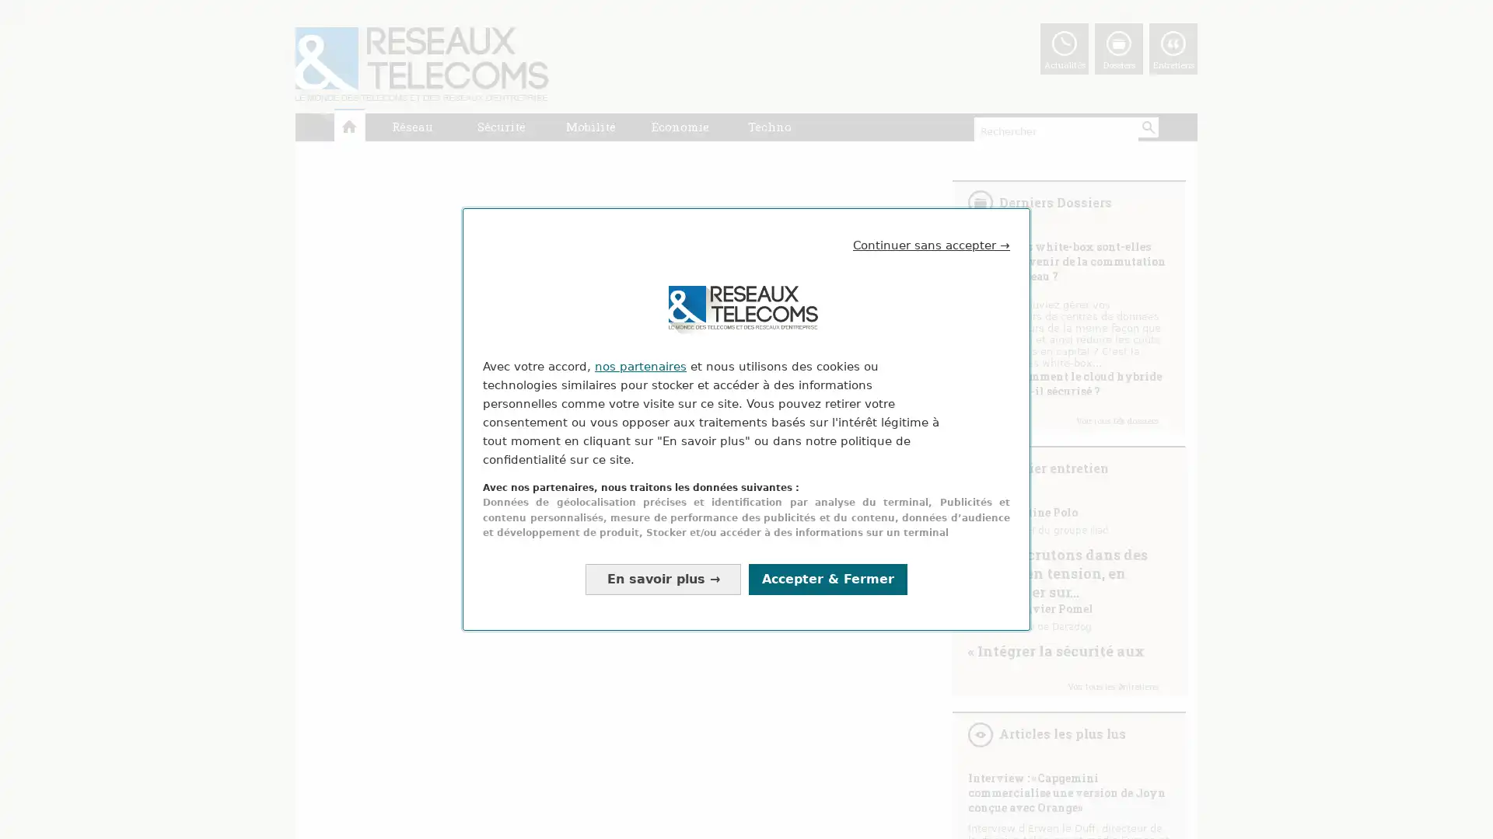 Image resolution: width=1493 pixels, height=839 pixels. What do you see at coordinates (932, 245) in the screenshot?
I see `Continuer sans accepter` at bounding box center [932, 245].